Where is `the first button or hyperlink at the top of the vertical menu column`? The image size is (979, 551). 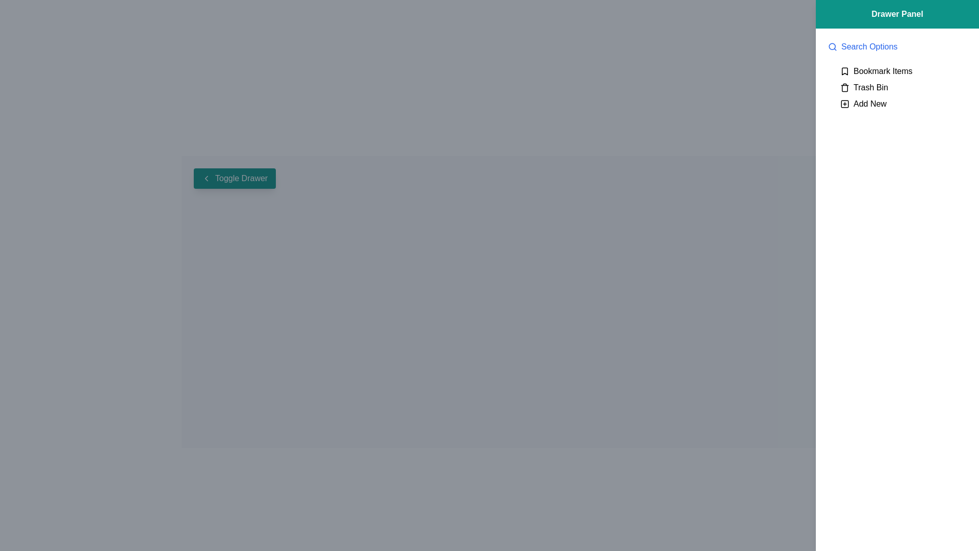 the first button or hyperlink at the top of the vertical menu column is located at coordinates (862, 47).